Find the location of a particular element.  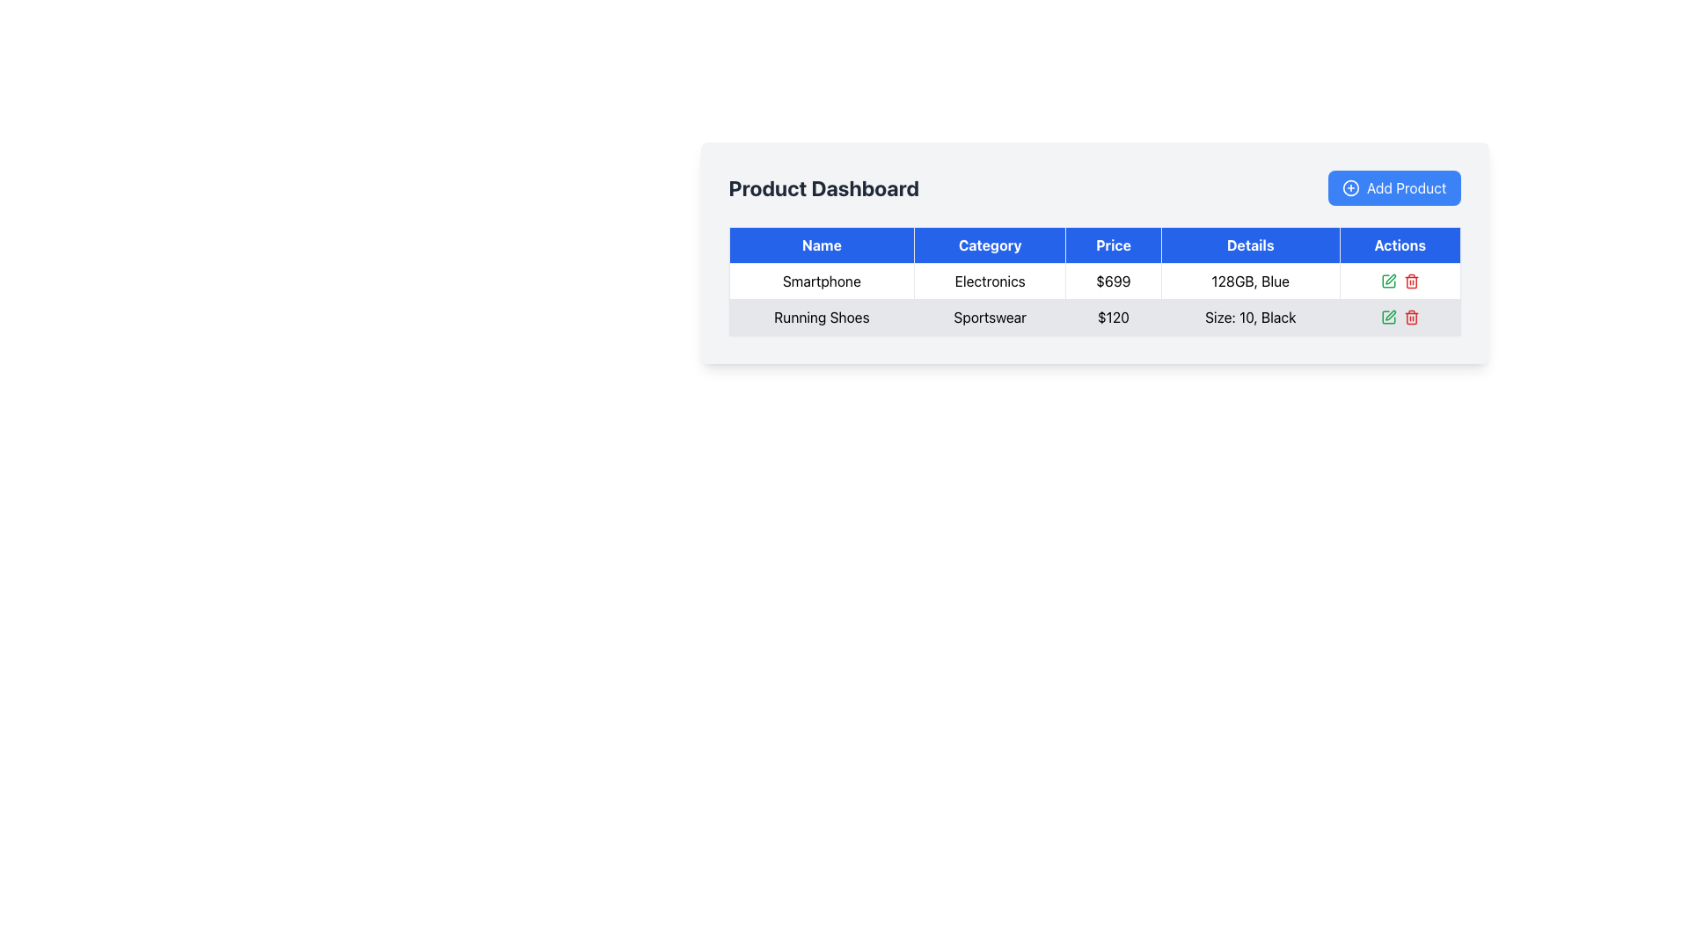

the 'Category' text label in the table header, which is styled with a blue background and bold white text, located in the second position among the header cells is located at coordinates (990, 245).